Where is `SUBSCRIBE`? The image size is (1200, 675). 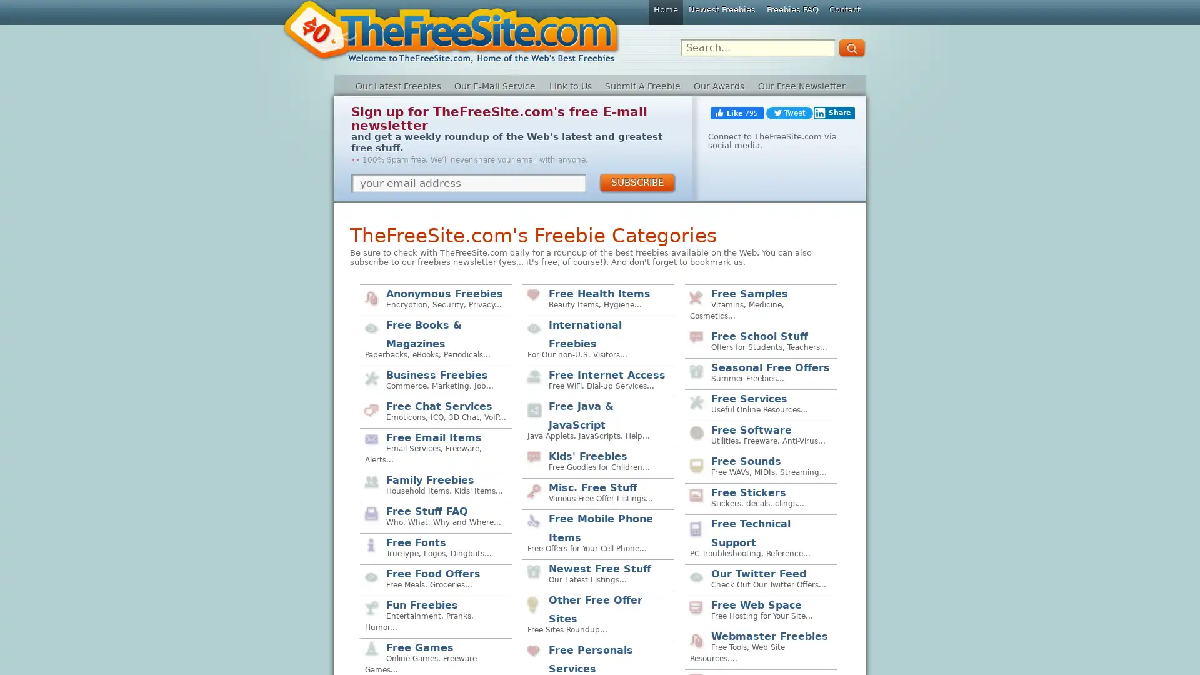
SUBSCRIBE is located at coordinates (637, 182).